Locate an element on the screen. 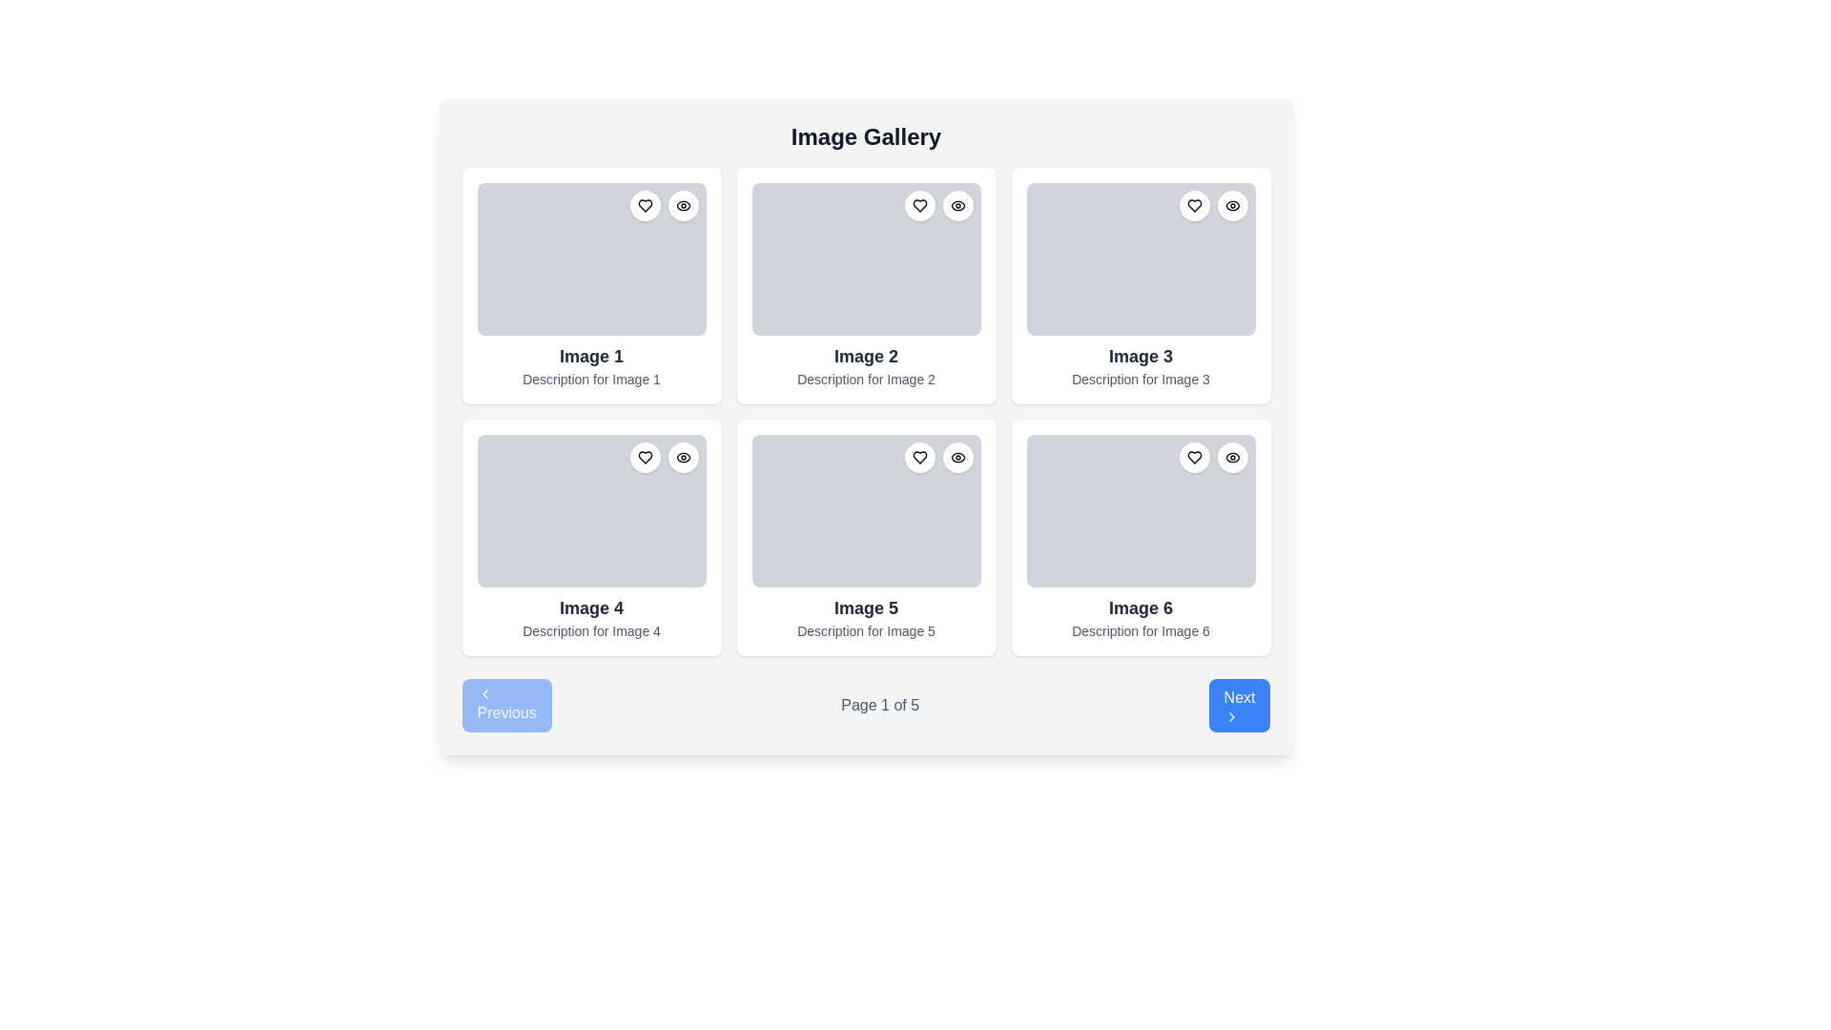 The height and width of the screenshot is (1030, 1831). the circular button with a white background and black heart icon at the top-right corner of the image thumbnail to mark it as a favorite is located at coordinates (919, 457).